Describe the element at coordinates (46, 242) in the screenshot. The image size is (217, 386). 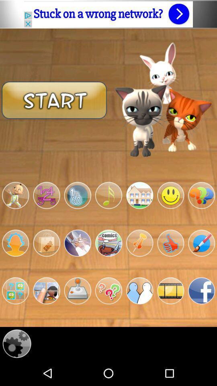
I see `the shop` at that location.